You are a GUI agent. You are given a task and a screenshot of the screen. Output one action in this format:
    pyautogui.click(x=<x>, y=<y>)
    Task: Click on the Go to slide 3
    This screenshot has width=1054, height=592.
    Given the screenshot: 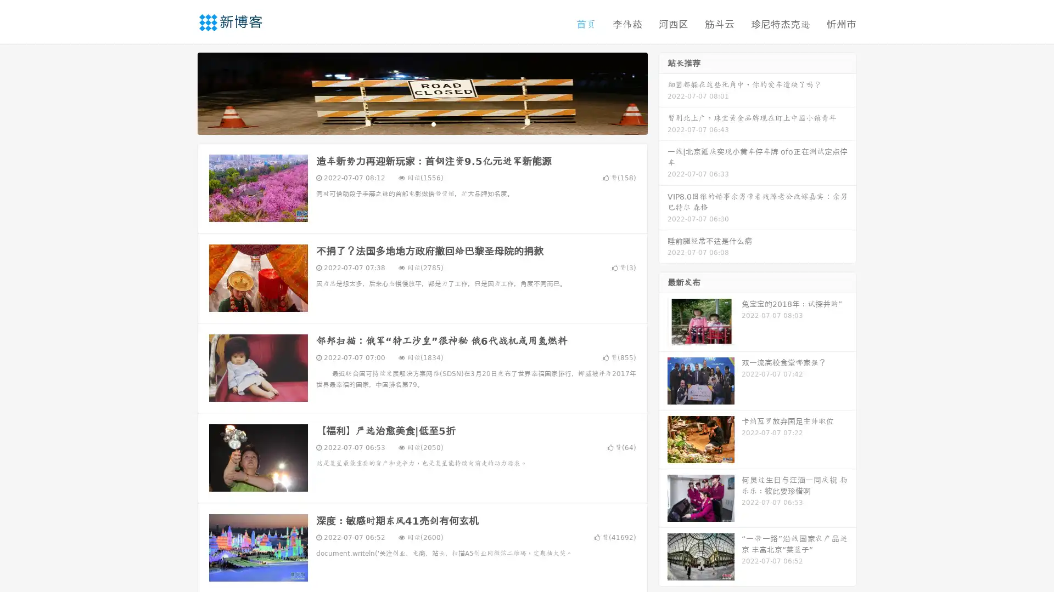 What is the action you would take?
    pyautogui.click(x=433, y=123)
    